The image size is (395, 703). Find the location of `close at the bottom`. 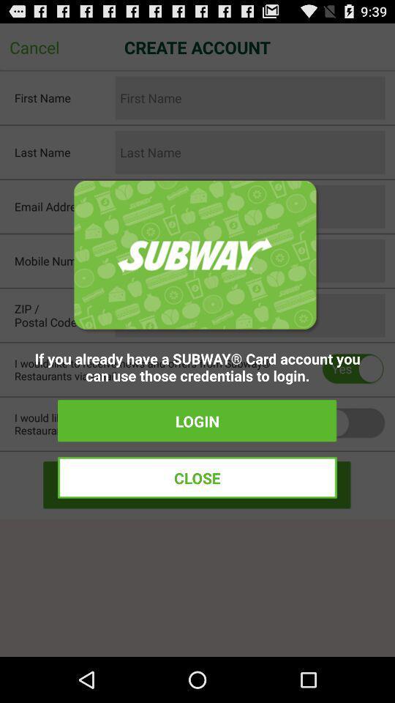

close at the bottom is located at coordinates (197, 477).